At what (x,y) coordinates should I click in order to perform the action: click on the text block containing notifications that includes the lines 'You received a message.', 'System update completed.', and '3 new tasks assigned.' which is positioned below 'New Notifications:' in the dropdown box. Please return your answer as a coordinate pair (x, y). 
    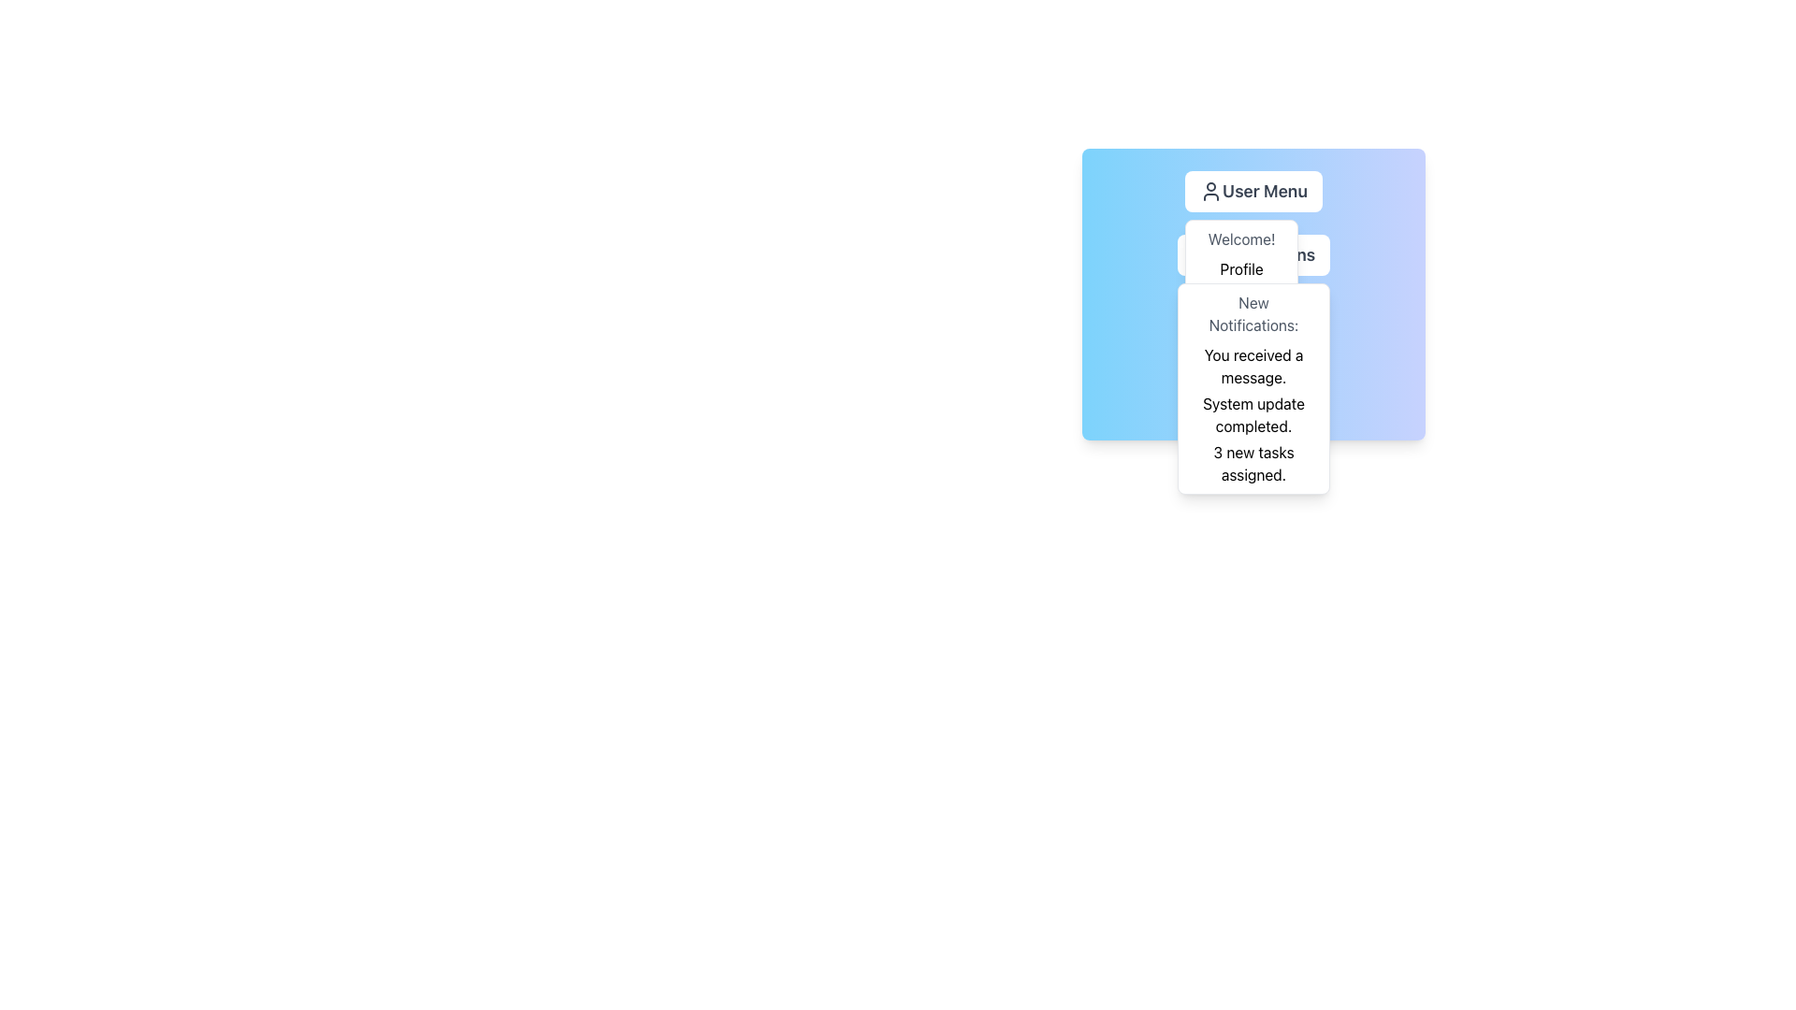
    Looking at the image, I should click on (1253, 413).